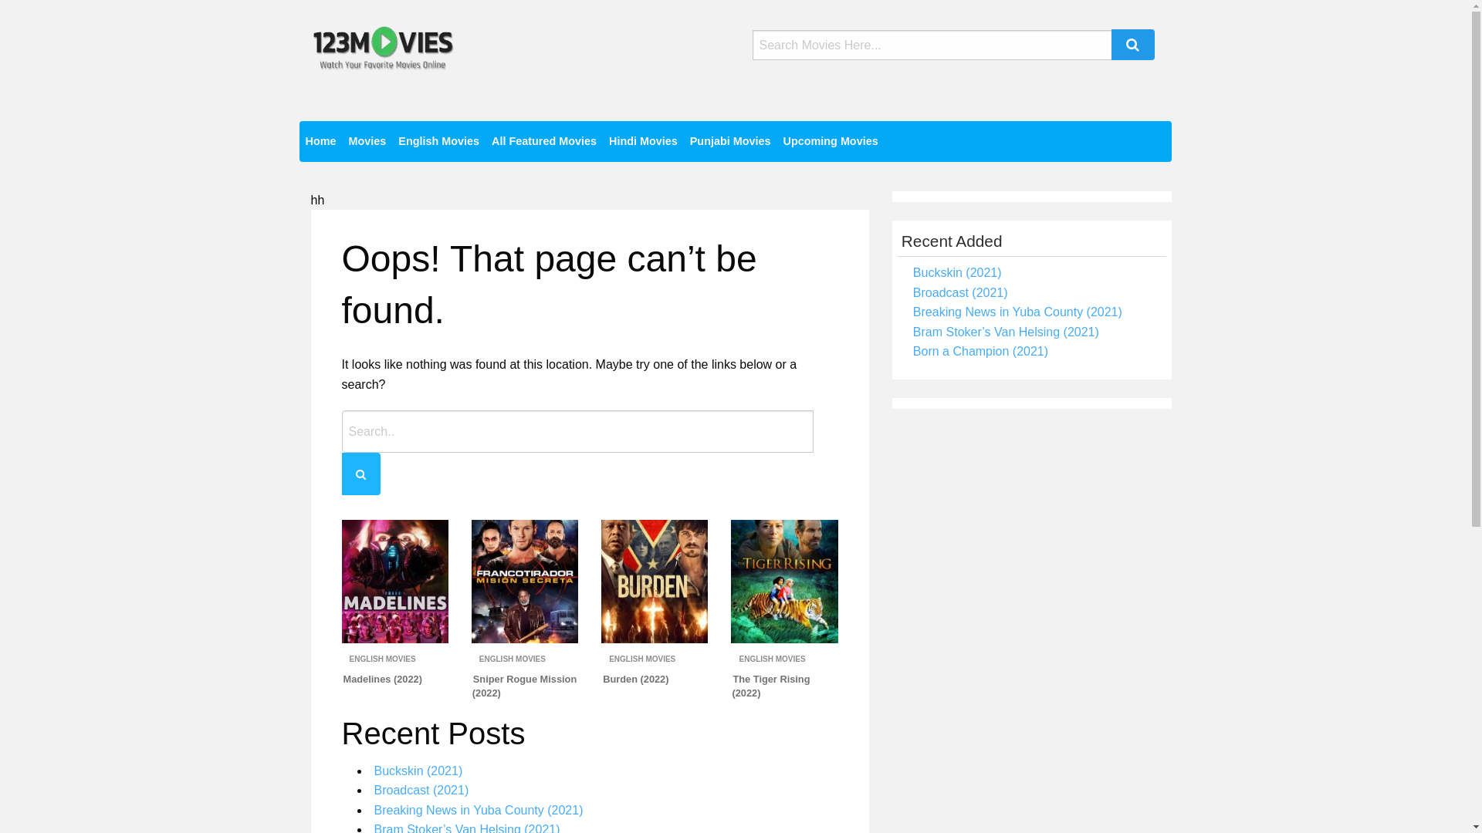 The width and height of the screenshot is (1482, 833). I want to click on 'Broadcast (2021)', so click(959, 292).